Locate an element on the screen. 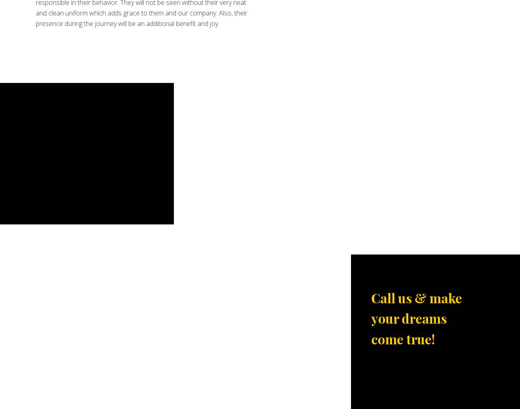  'Call us & make your dreams come true!' is located at coordinates (416, 317).